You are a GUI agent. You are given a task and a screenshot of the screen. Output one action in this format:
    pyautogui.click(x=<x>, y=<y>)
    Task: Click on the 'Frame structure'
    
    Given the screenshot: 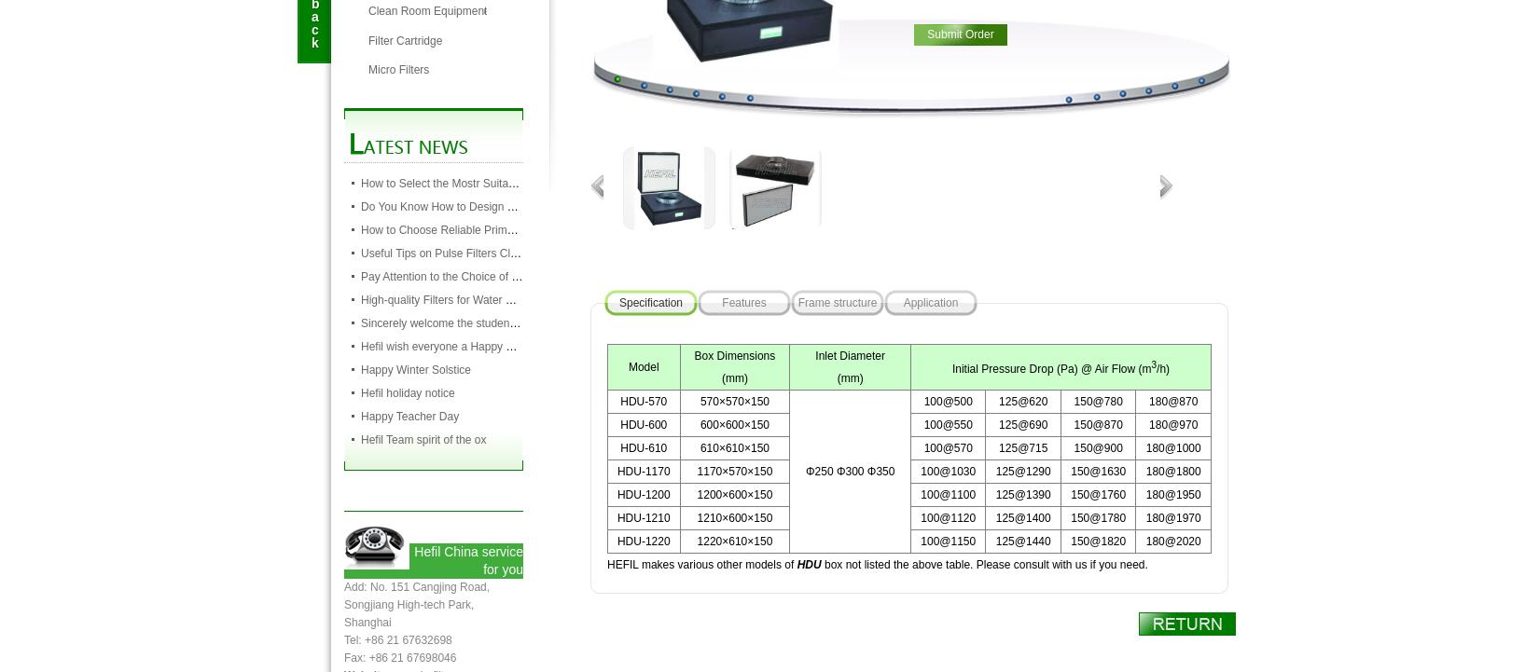 What is the action you would take?
    pyautogui.click(x=797, y=303)
    